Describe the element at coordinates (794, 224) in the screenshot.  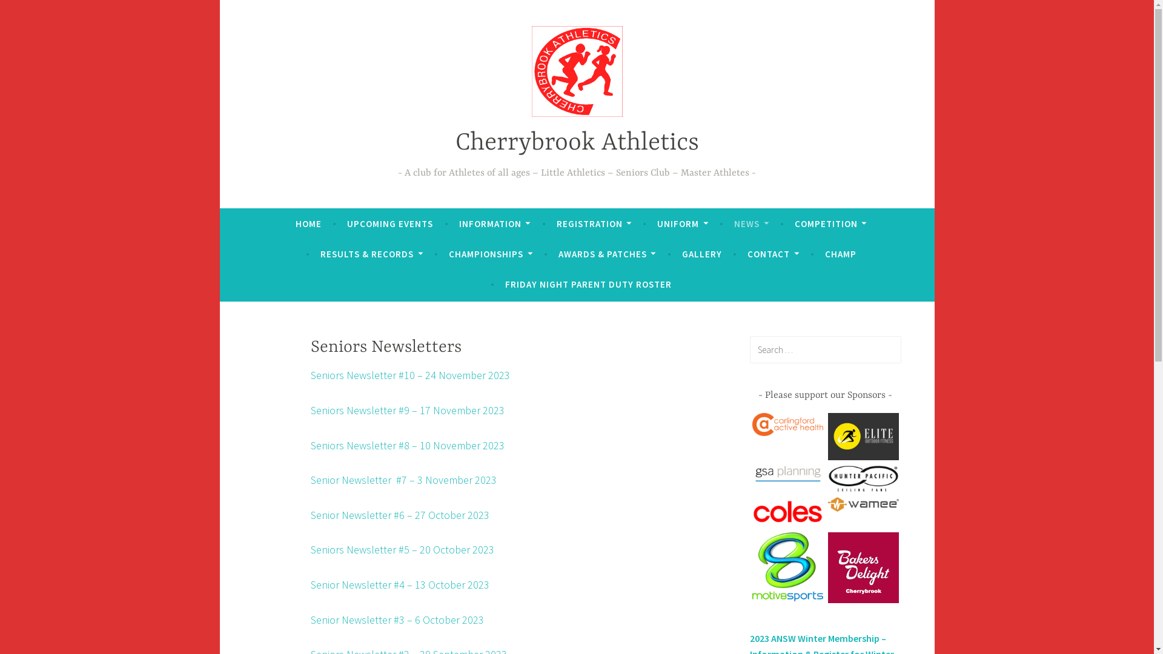
I see `'COMPETITION'` at that location.